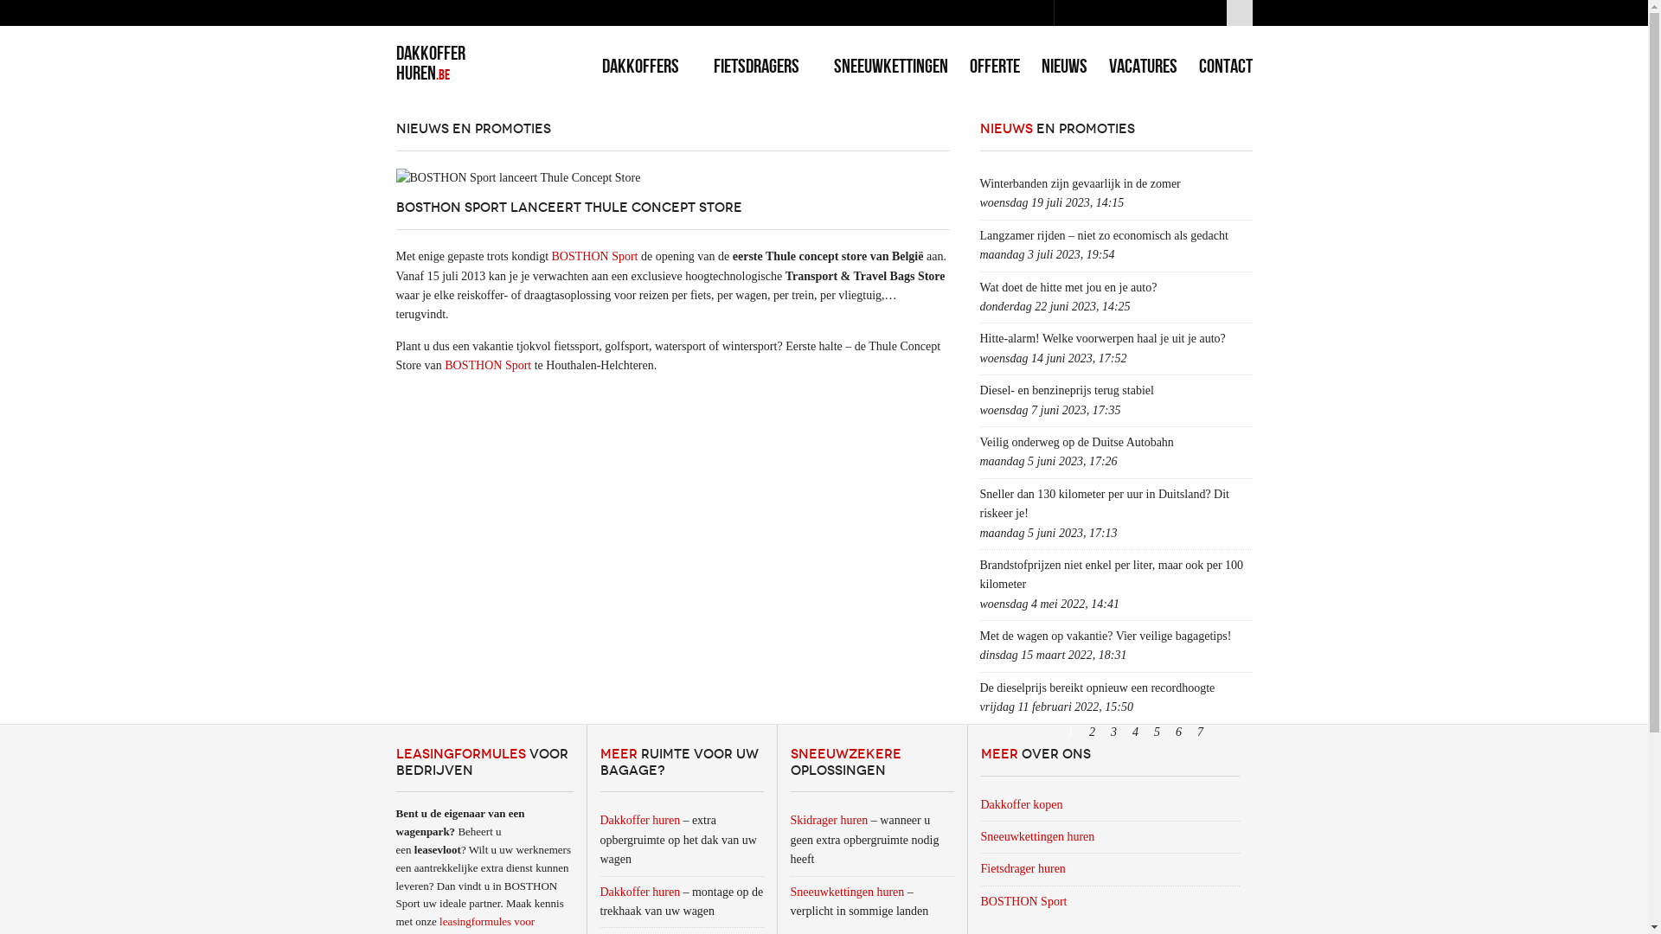  Describe the element at coordinates (1158, 732) in the screenshot. I see `'5'` at that location.